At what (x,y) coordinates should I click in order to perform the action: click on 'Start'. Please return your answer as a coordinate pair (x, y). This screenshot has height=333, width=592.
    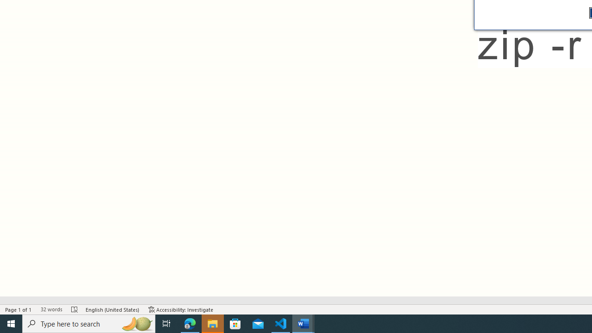
    Looking at the image, I should click on (11, 323).